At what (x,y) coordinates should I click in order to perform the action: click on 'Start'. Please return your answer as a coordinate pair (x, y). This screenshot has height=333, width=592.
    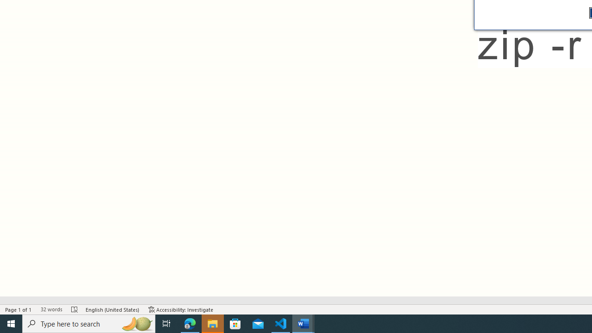
    Looking at the image, I should click on (11, 323).